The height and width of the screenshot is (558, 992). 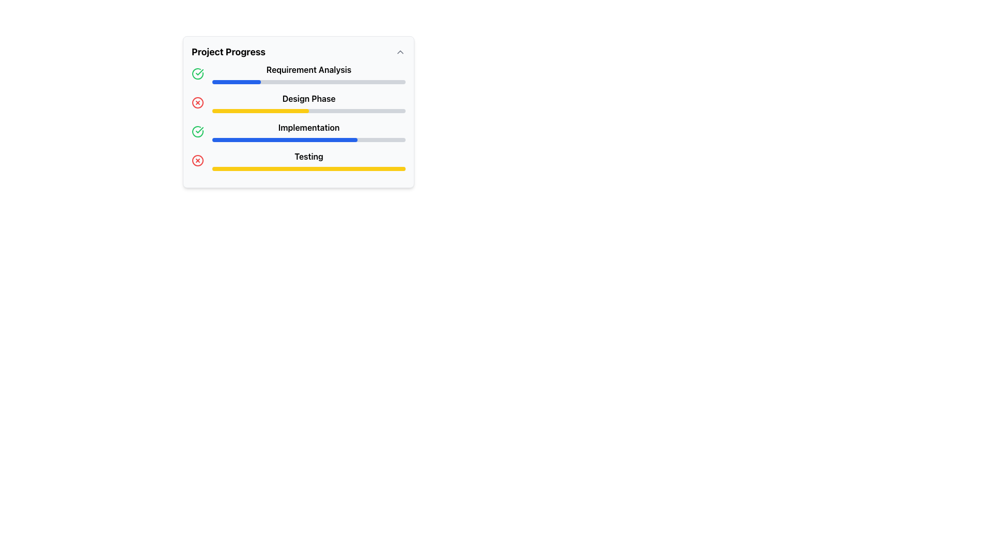 I want to click on the status by hovering over the checkmark icon indicating the completion of the 'Requirement Analysis' task in the project tracker interface, so click(x=198, y=73).